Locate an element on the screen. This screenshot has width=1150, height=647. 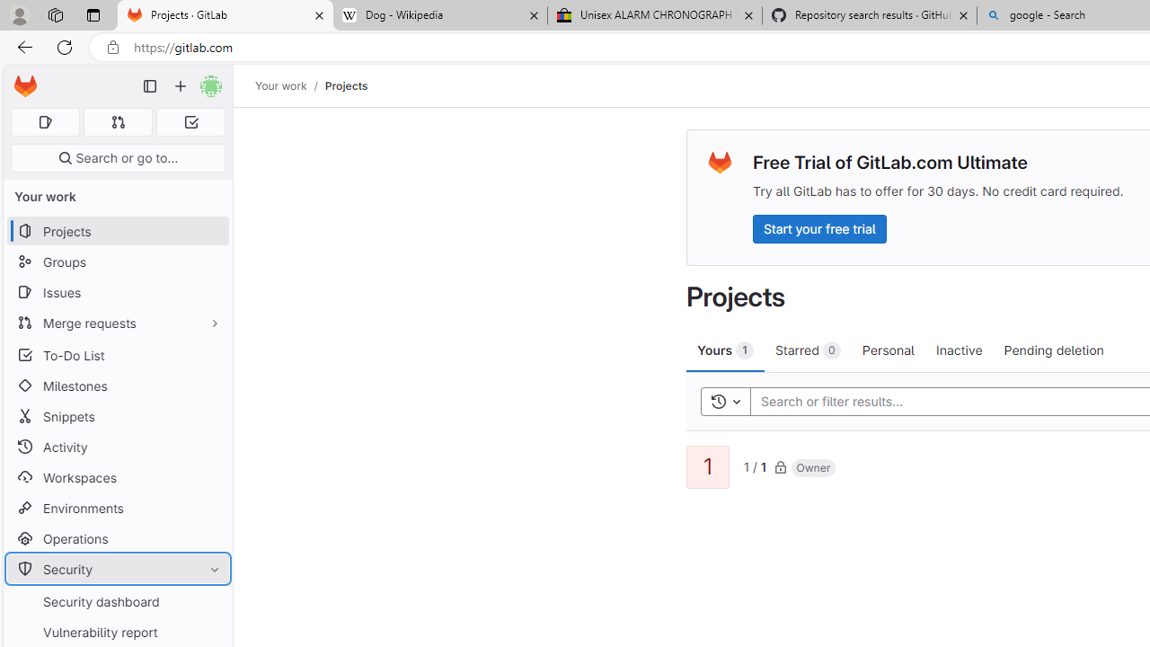
'To-Do List' is located at coordinates (117, 355).